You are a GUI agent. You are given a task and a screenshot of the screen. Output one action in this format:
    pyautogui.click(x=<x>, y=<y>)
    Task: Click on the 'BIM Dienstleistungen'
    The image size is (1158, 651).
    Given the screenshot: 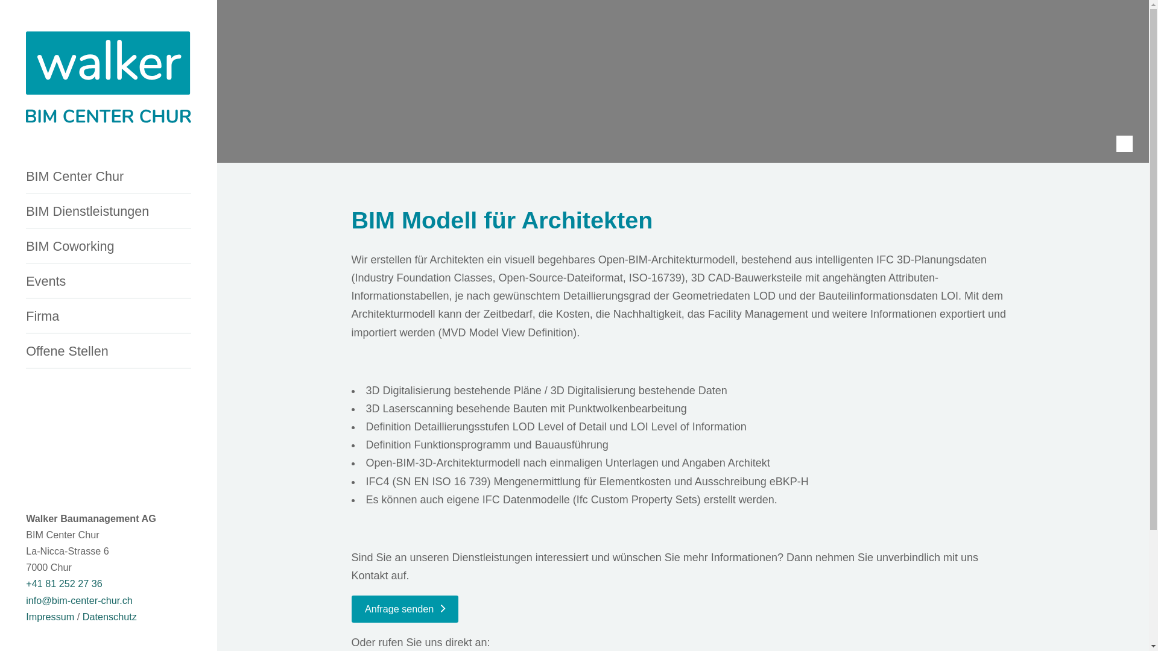 What is the action you would take?
    pyautogui.click(x=109, y=211)
    